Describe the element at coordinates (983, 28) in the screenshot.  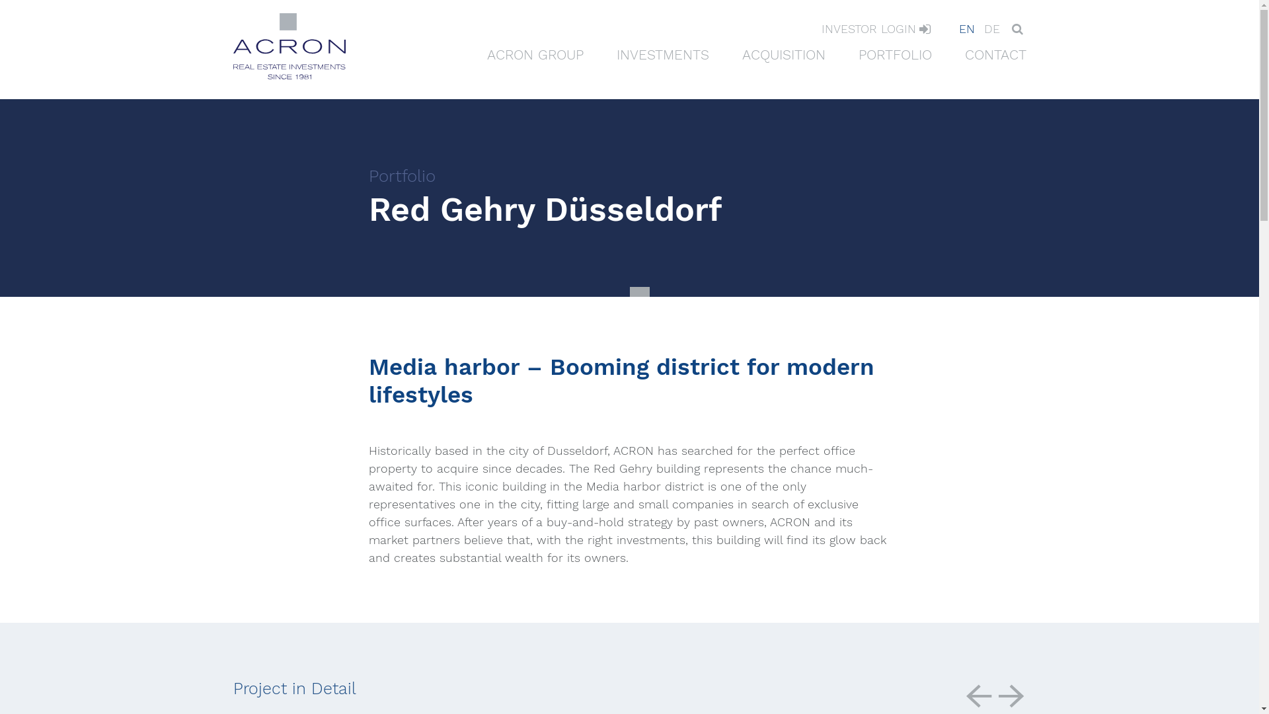
I see `'DE'` at that location.